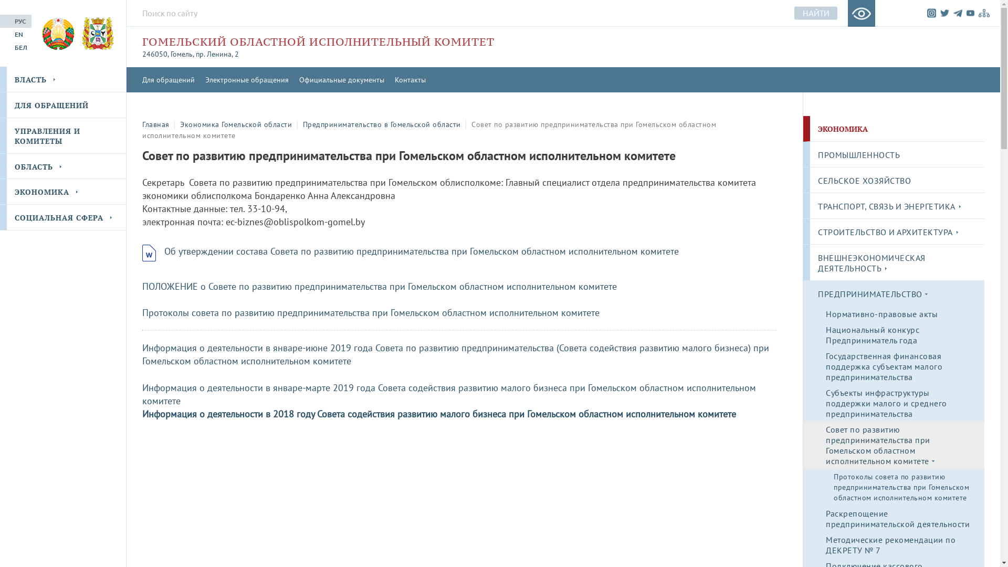 The image size is (1008, 567). What do you see at coordinates (931, 13) in the screenshot?
I see `'Instagram'` at bounding box center [931, 13].